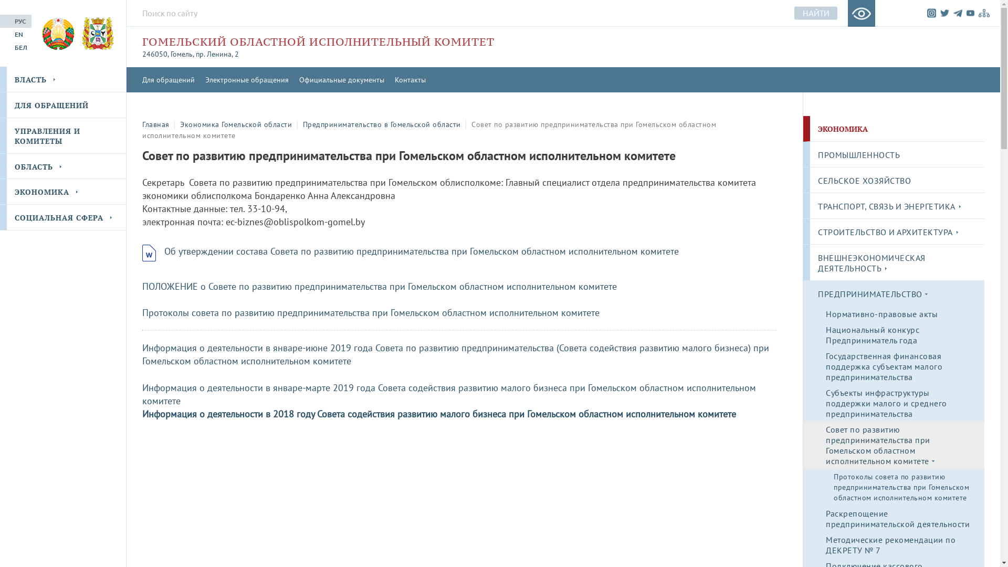 The image size is (1008, 567). What do you see at coordinates (931, 13) in the screenshot?
I see `'Instagram'` at bounding box center [931, 13].